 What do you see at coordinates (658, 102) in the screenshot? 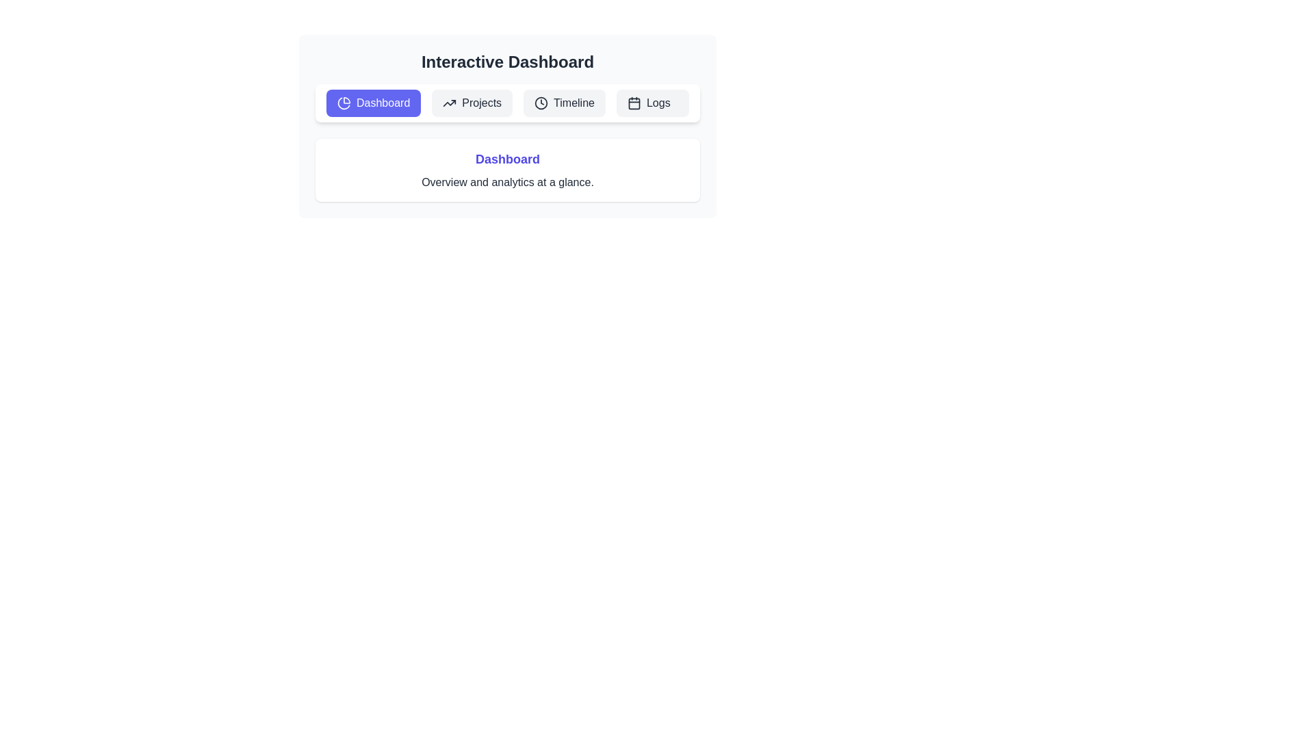
I see `the 'Logs' text label located within the navigation button` at bounding box center [658, 102].